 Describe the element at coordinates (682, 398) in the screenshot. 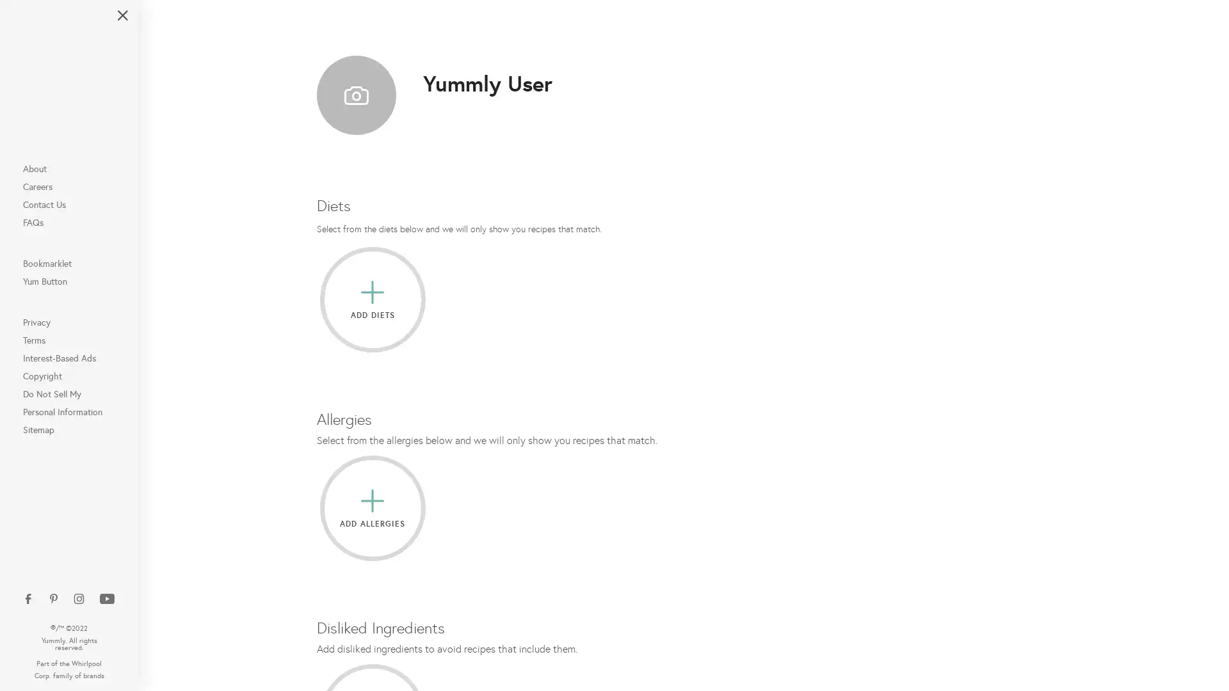

I see `Connect with Apple` at that location.